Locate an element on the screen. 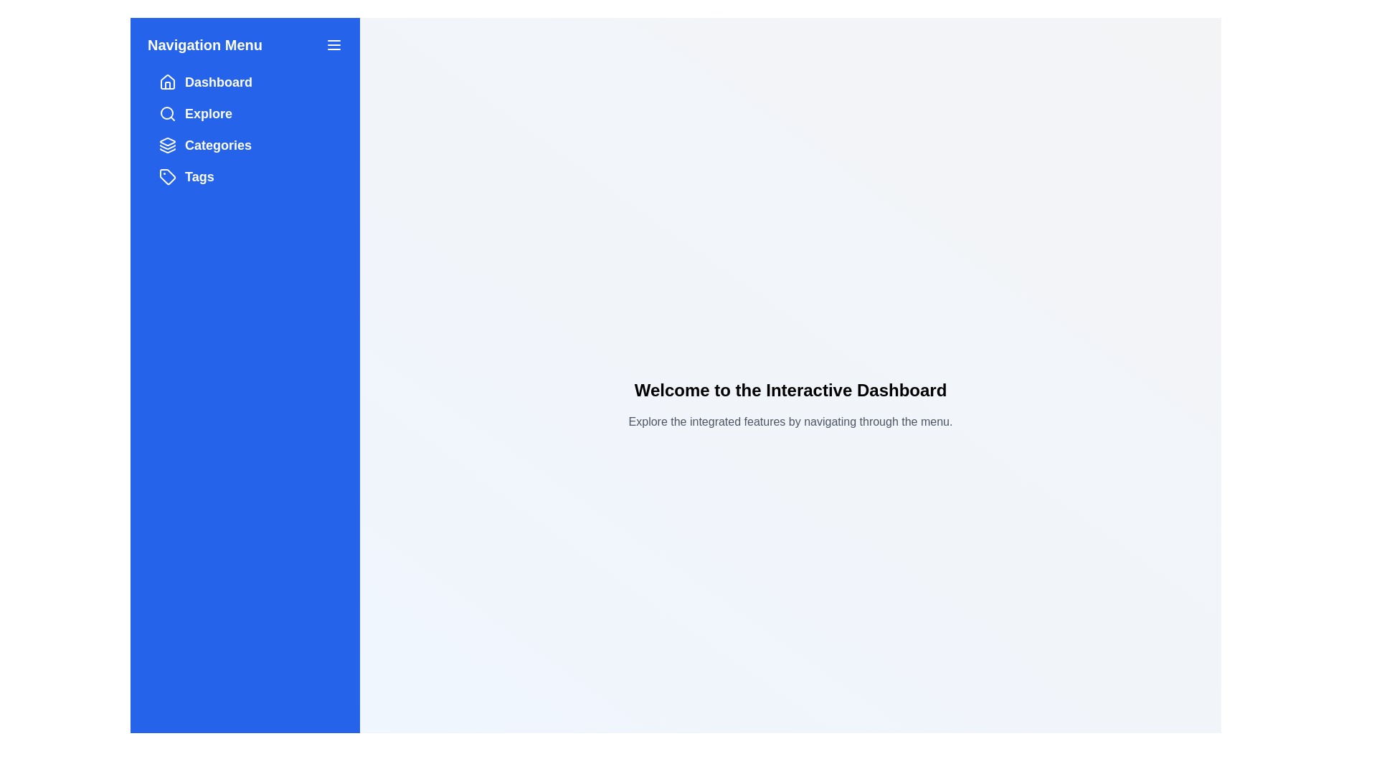  the welcome message text for copying is located at coordinates (628, 378).